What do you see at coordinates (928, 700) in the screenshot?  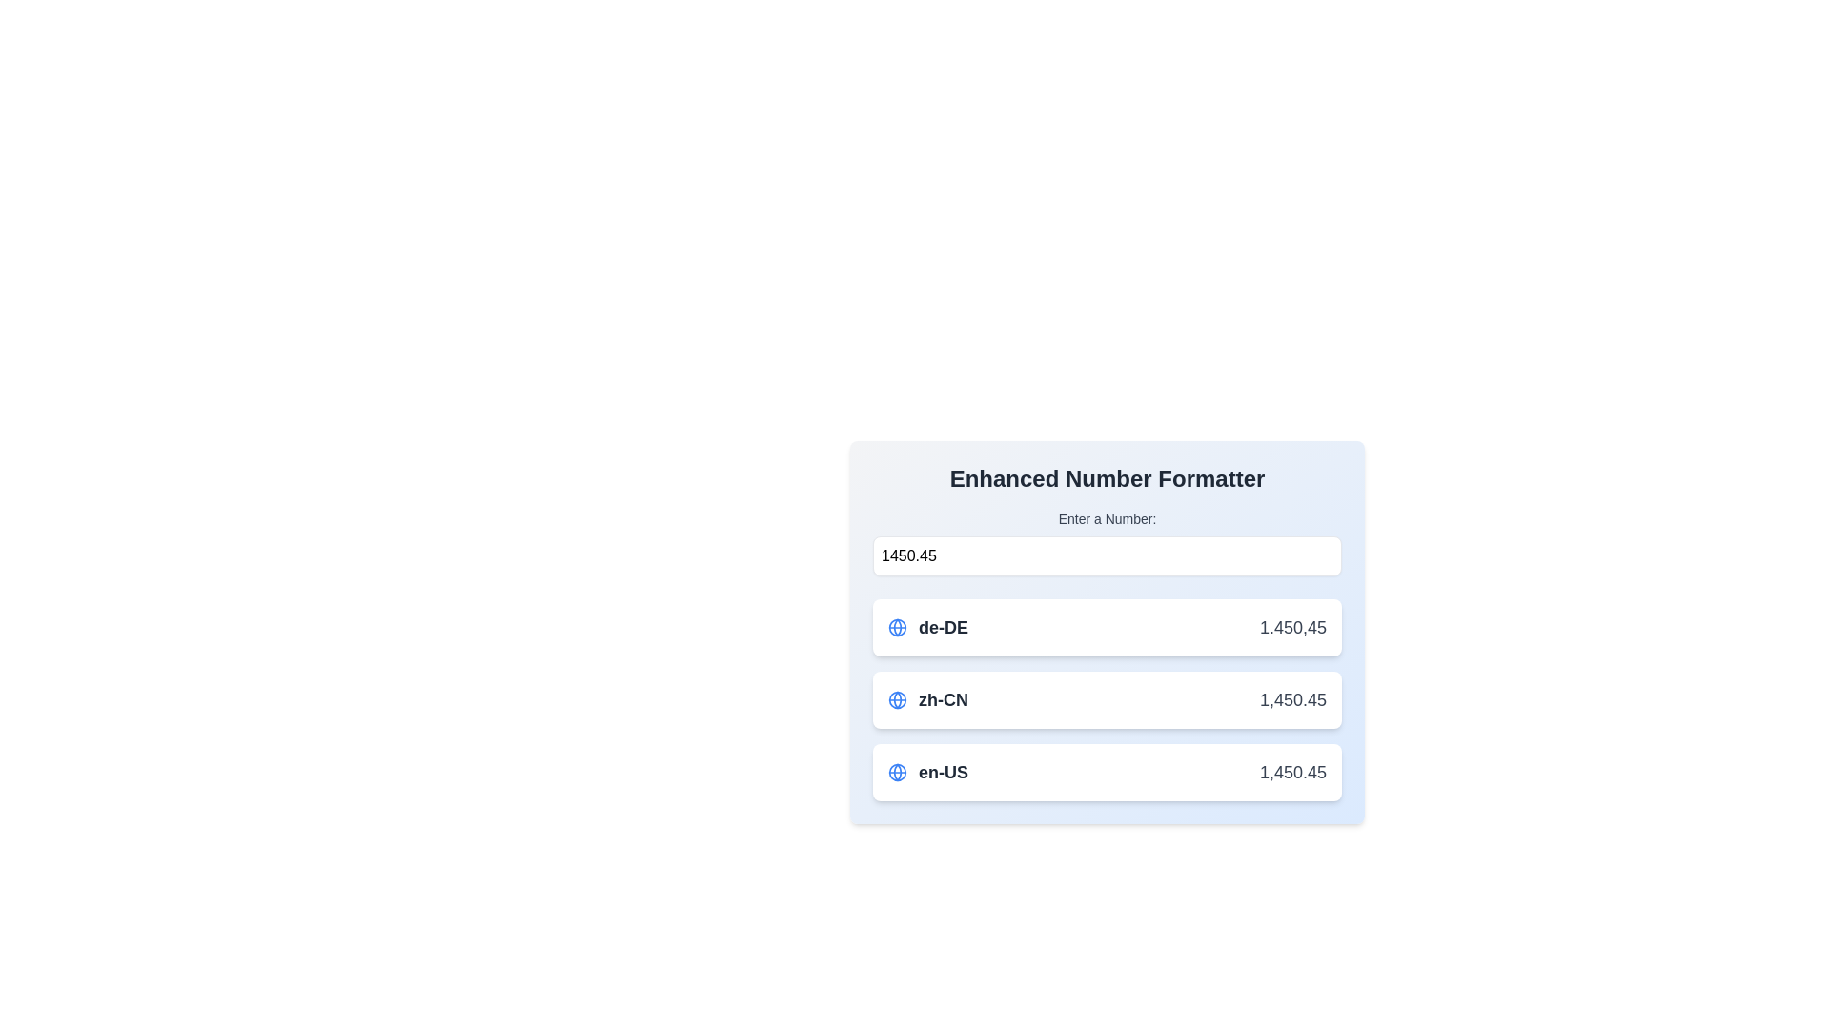 I see `the second locale choice list item, which features a blue globe icon and bold 'zh-CN' text in dark gray, located between 'de-DE' and 'en-US'` at bounding box center [928, 700].